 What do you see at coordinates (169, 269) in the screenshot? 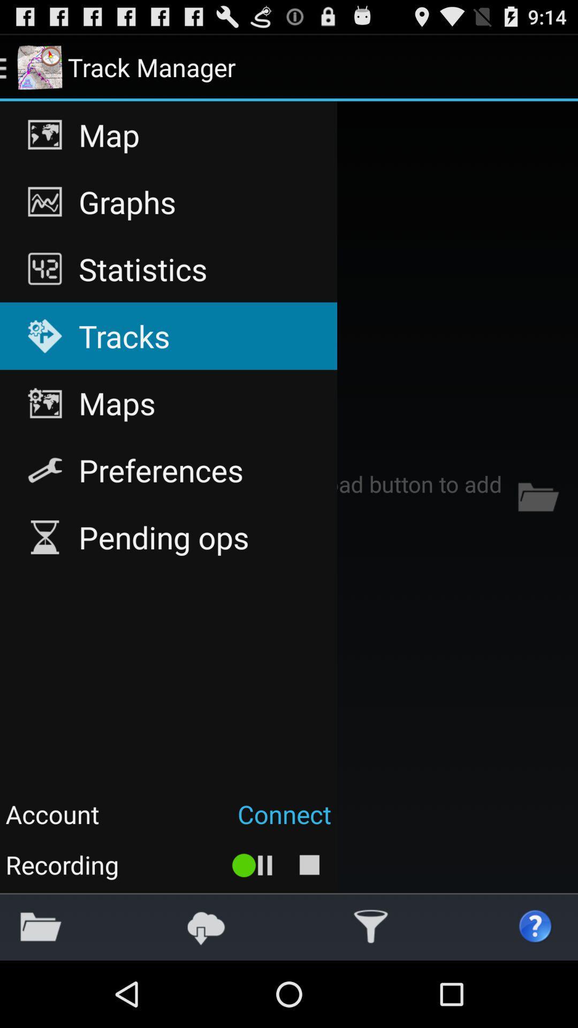
I see `icon above tracks` at bounding box center [169, 269].